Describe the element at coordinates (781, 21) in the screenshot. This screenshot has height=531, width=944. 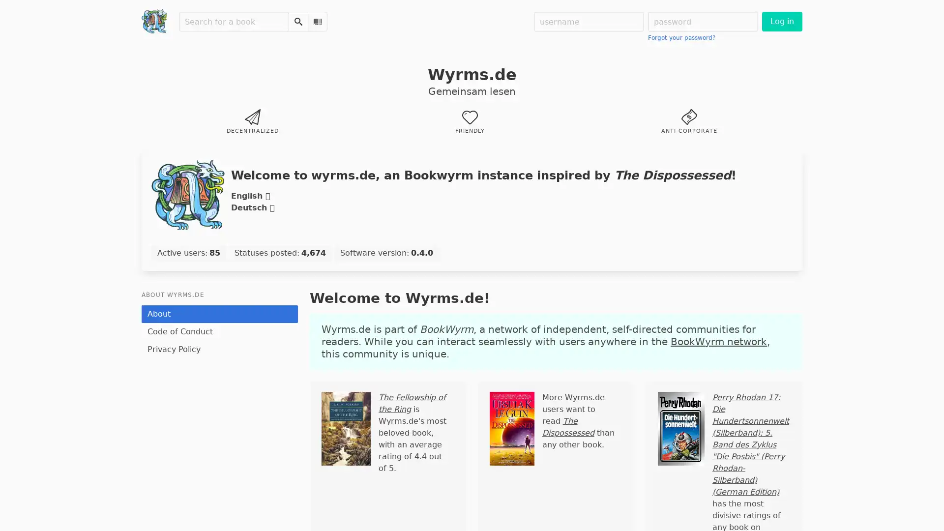
I see `Log in` at that location.